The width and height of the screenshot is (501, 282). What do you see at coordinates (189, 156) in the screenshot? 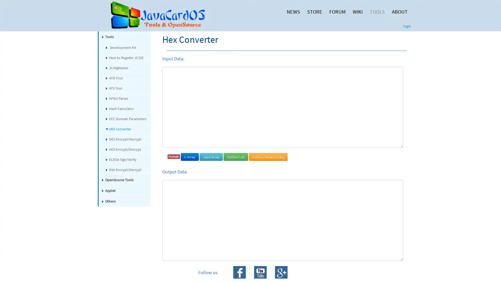
I see `C Array` at bounding box center [189, 156].